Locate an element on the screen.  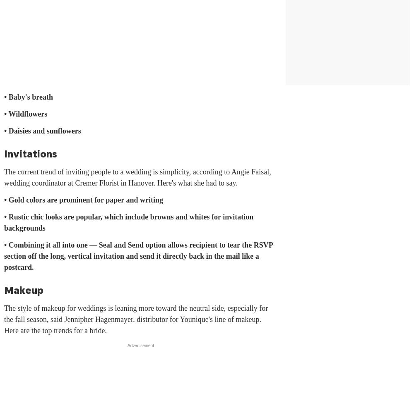
'• Combining it all into one — Seal and Send option allows recipient to tear the RSVP section off the long, vertical invitation and send it directly back in the mail like a postcard.' is located at coordinates (4, 256).